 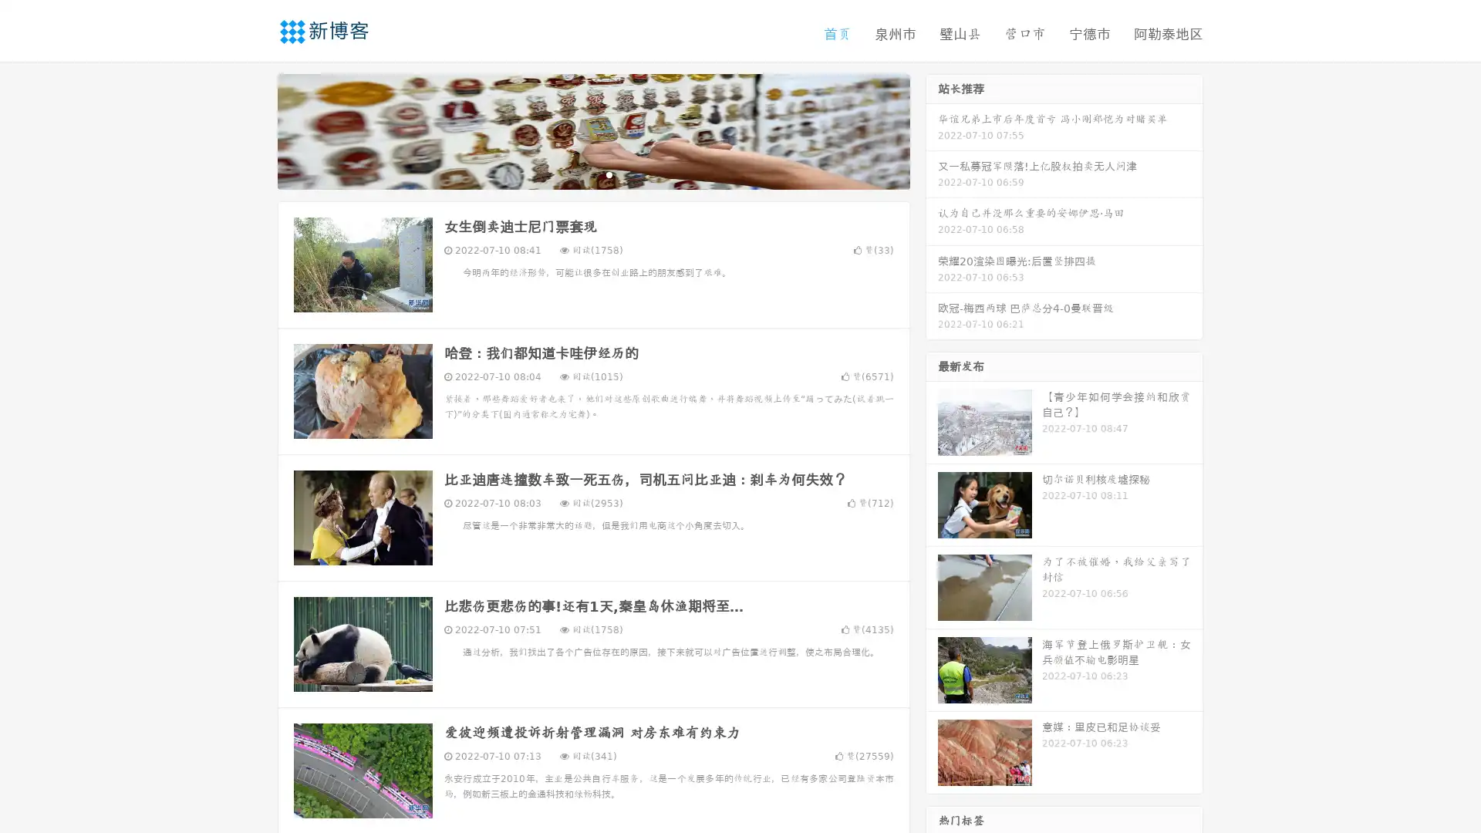 I want to click on Previous slide, so click(x=255, y=130).